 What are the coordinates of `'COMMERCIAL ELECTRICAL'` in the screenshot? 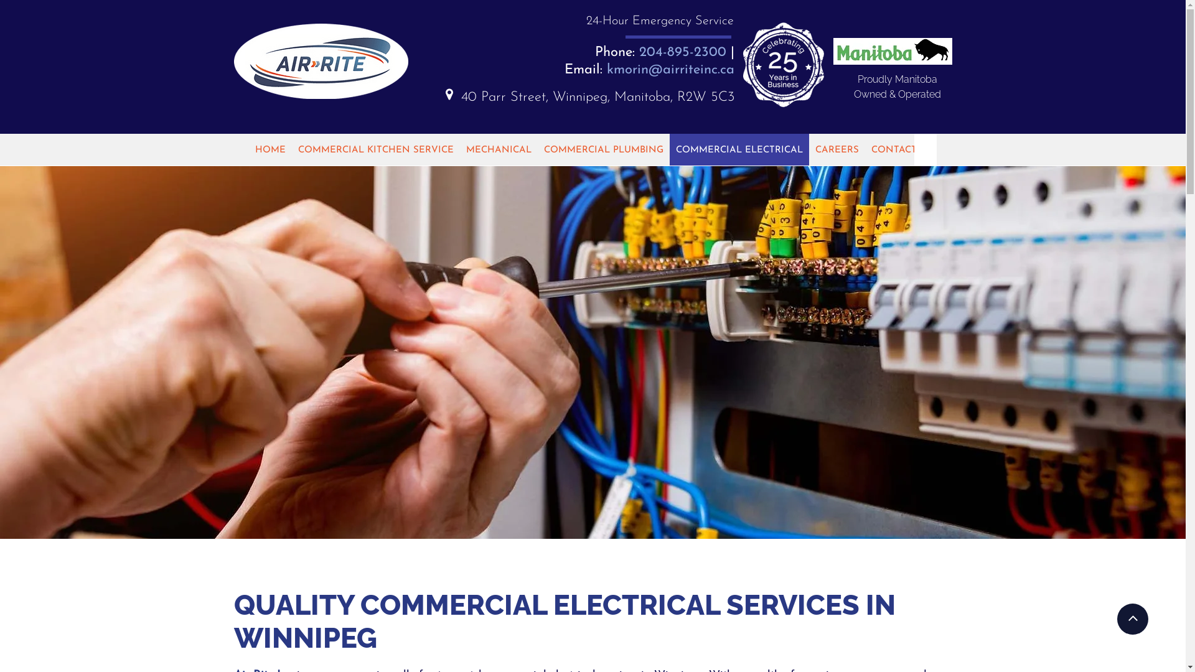 It's located at (739, 149).